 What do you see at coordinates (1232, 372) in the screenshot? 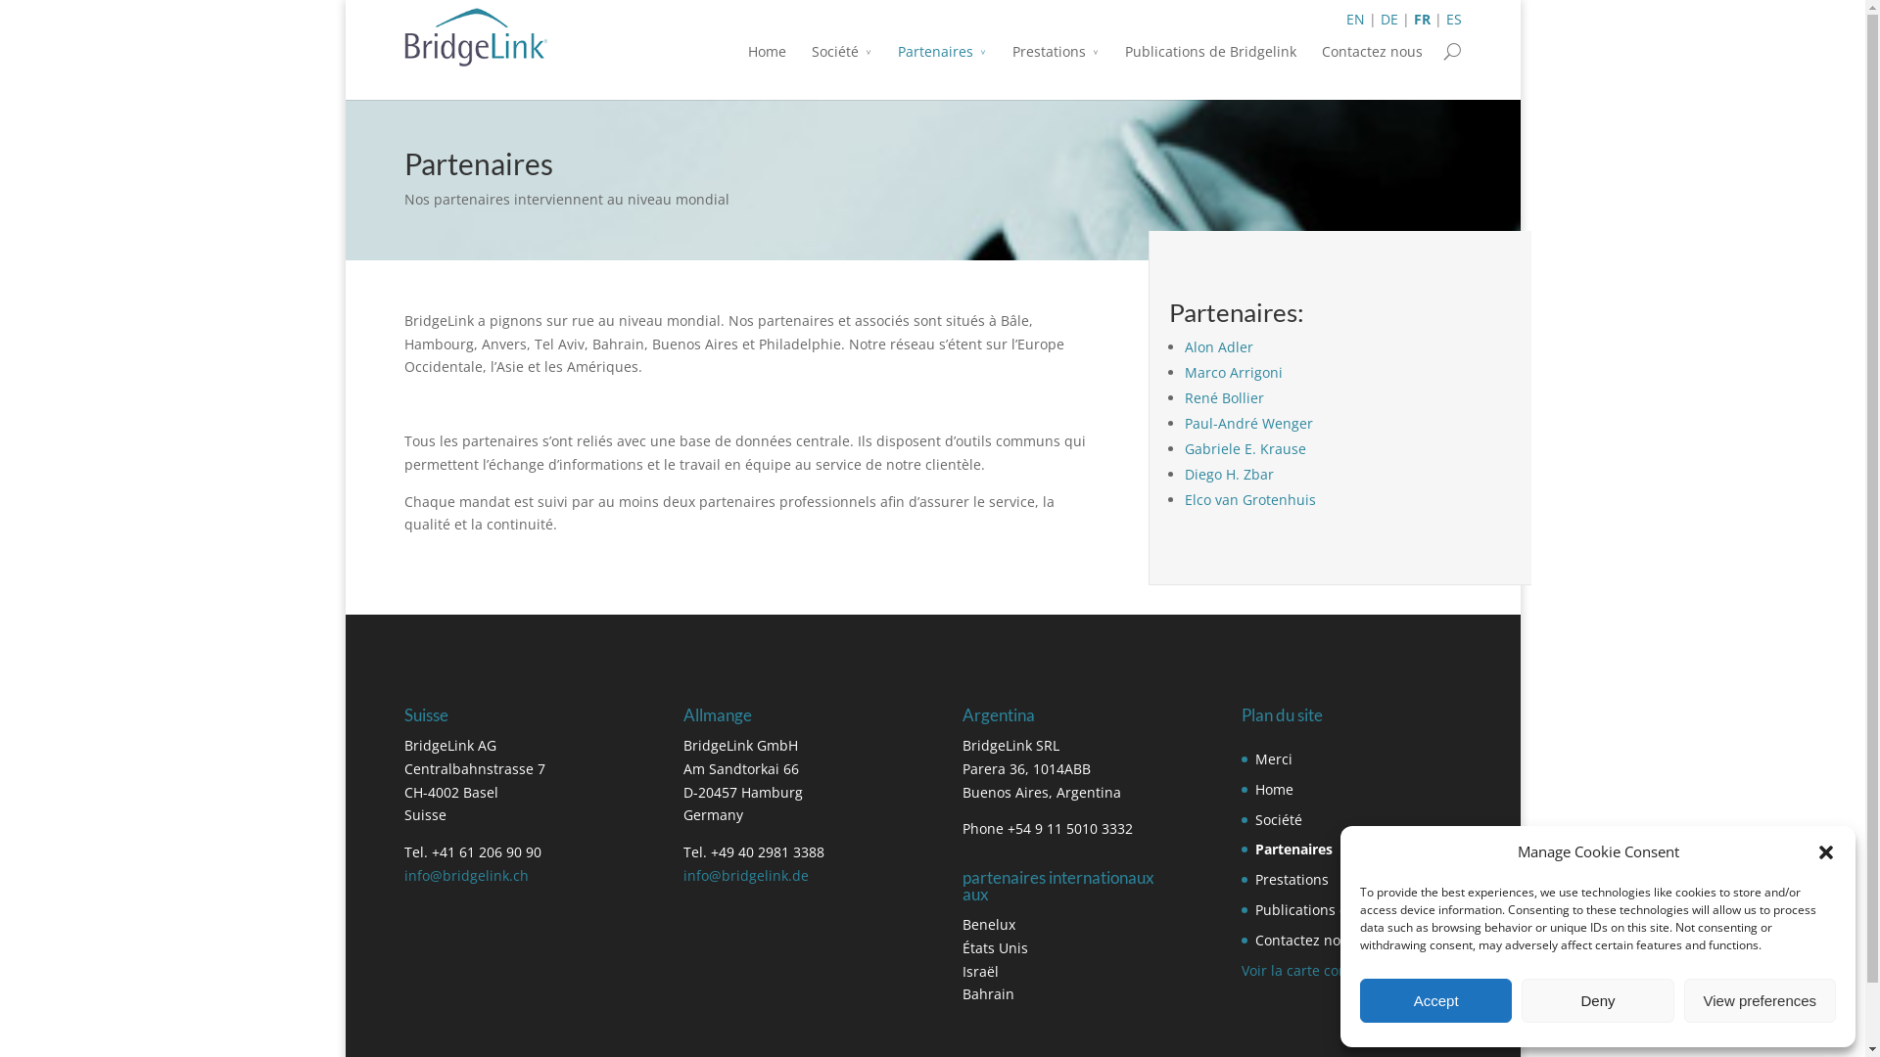
I see `'Marco Arrigoni'` at bounding box center [1232, 372].